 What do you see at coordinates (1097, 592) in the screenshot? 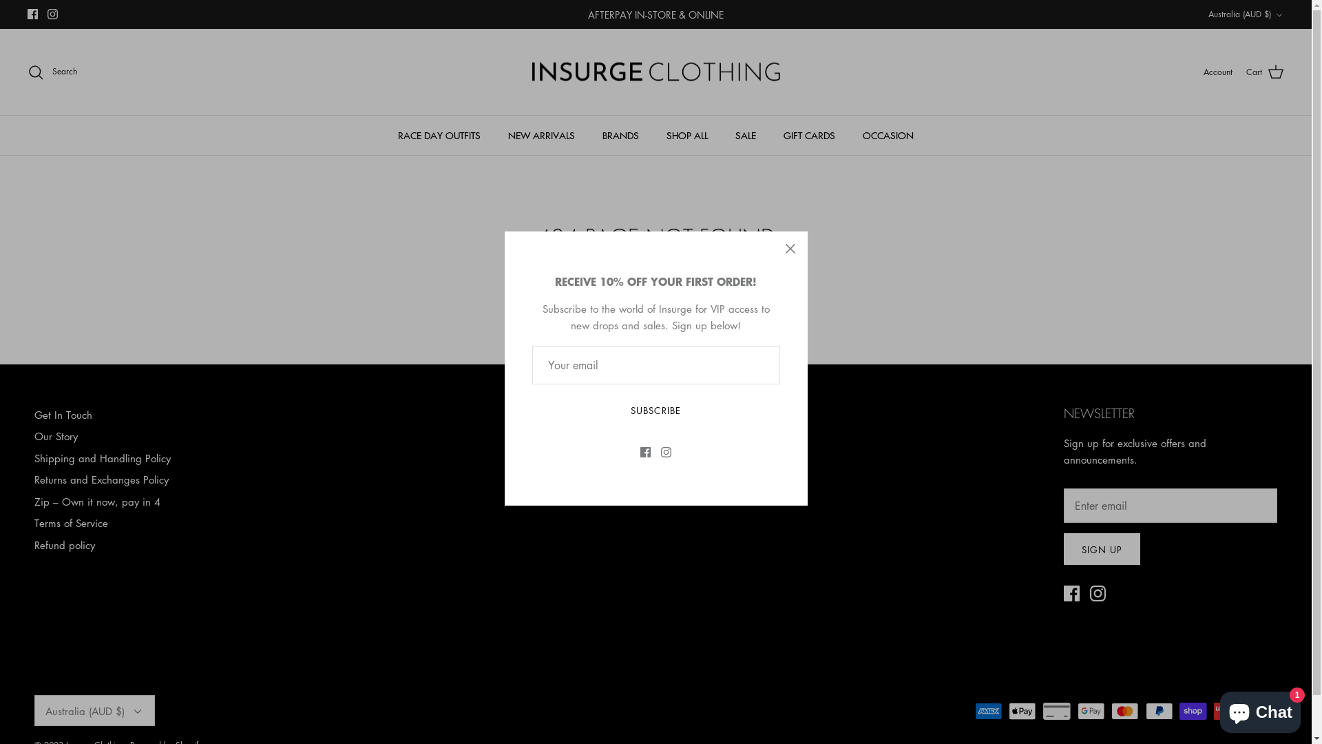
I see `'Instagram'` at bounding box center [1097, 592].